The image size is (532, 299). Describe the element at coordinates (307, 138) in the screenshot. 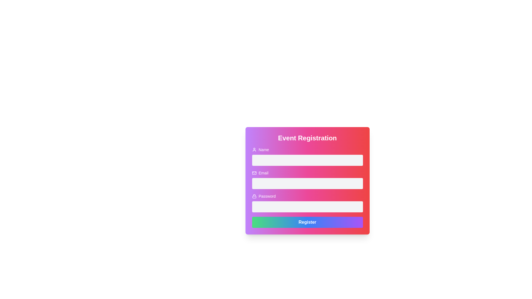

I see `Header or Title Text located at the top of the form, which indicates the purpose of the form to the user` at that location.